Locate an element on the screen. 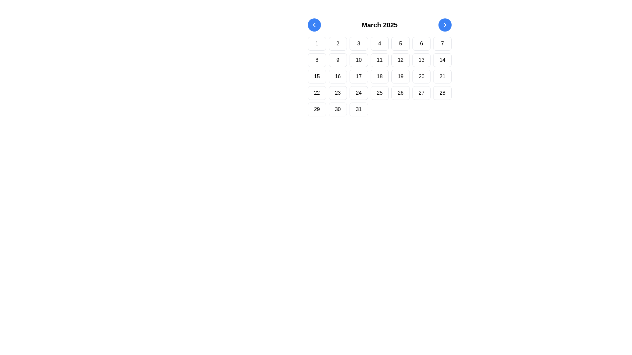  the static calendar day element displaying the number '11', located in the second row and fourth column of the calendar grid is located at coordinates (380, 60).